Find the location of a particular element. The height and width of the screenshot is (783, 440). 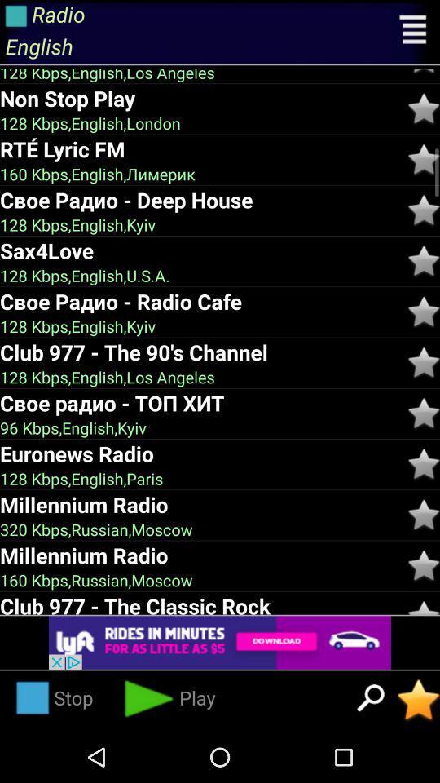

add favorite is located at coordinates (424, 71).